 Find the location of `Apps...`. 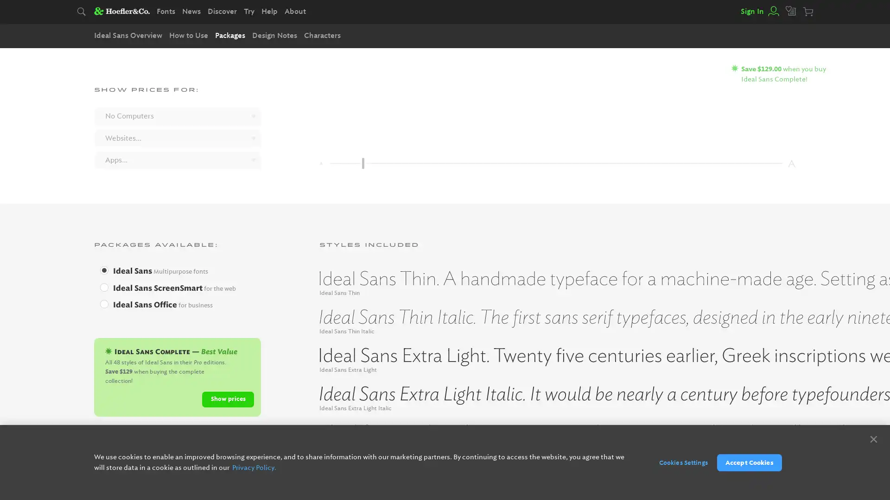

Apps... is located at coordinates (178, 160).